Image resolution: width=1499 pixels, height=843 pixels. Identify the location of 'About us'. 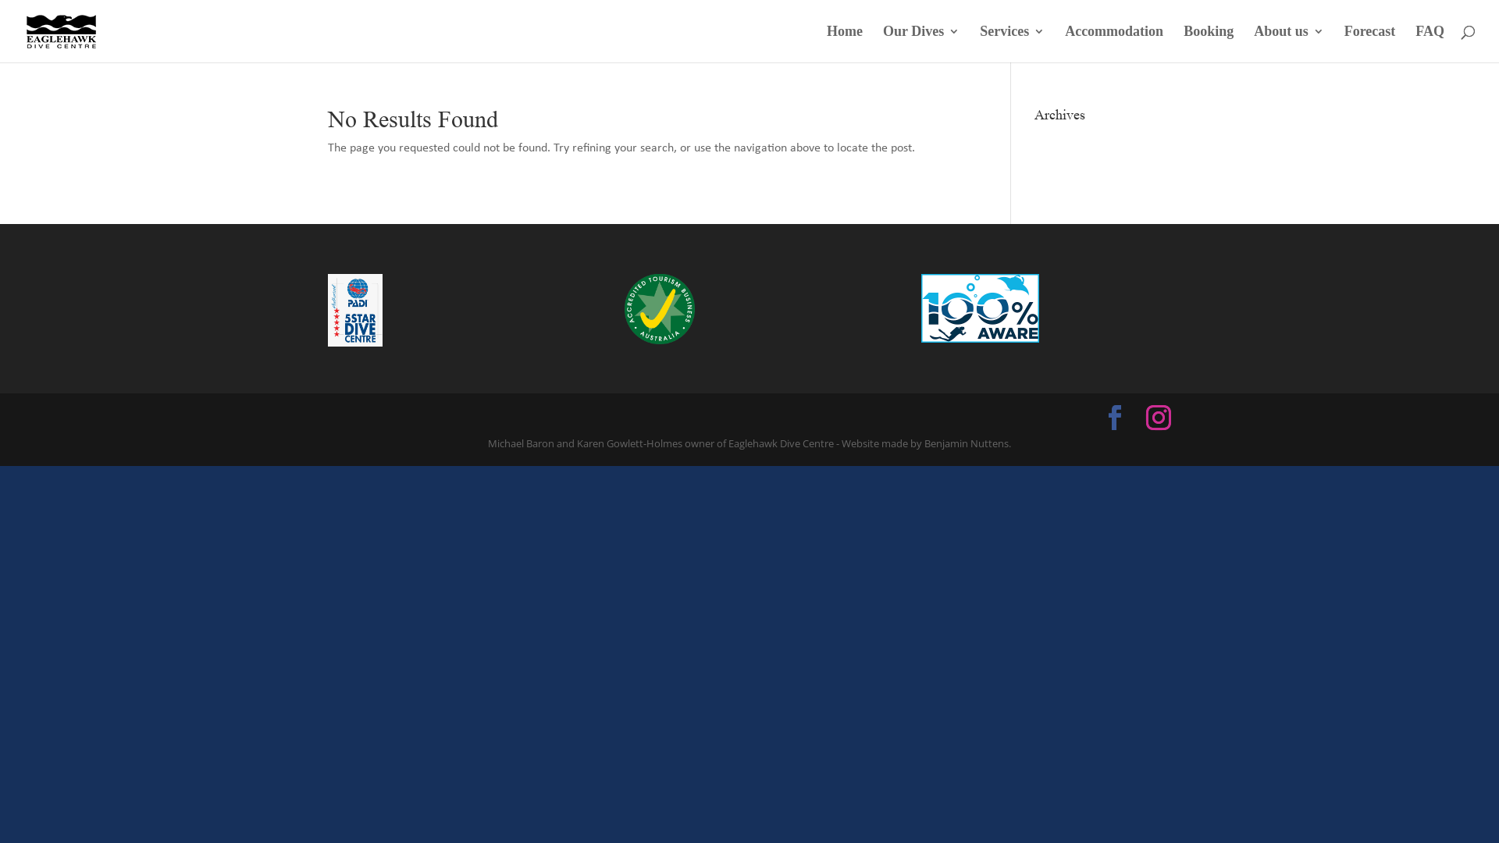
(1289, 43).